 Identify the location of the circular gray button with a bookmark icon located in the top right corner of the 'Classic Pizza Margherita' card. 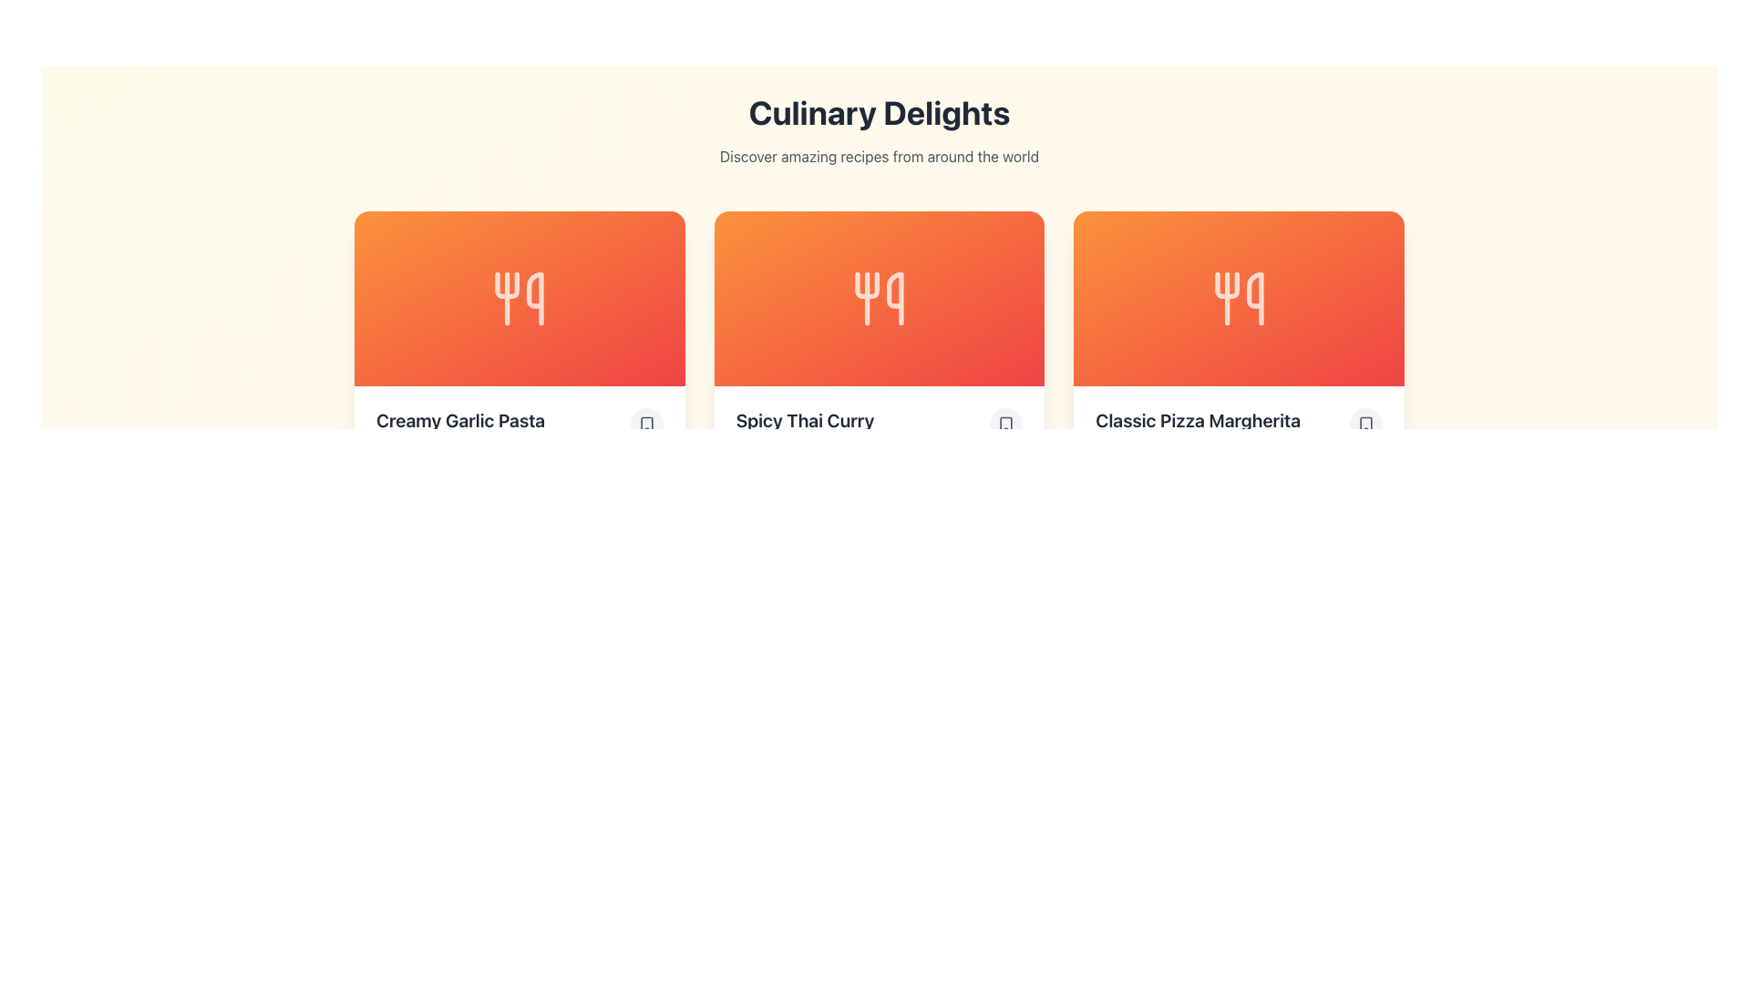
(1365, 425).